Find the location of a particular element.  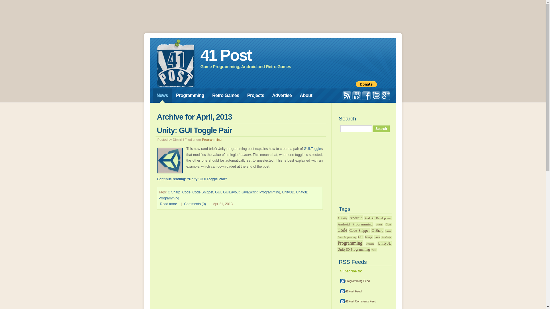

'Button' is located at coordinates (375, 224).